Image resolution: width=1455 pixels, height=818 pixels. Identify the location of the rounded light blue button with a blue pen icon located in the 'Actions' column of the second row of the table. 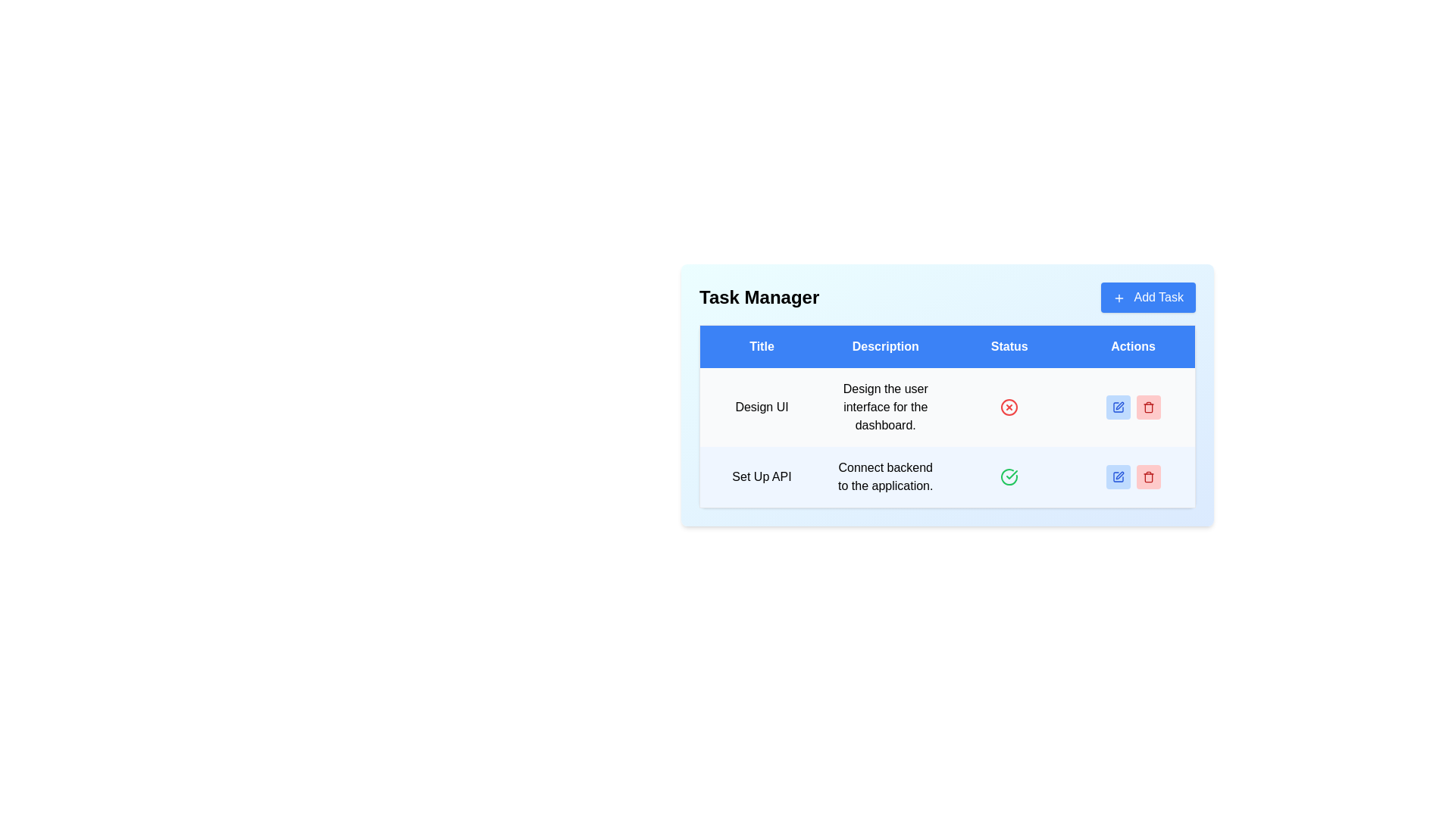
(1118, 476).